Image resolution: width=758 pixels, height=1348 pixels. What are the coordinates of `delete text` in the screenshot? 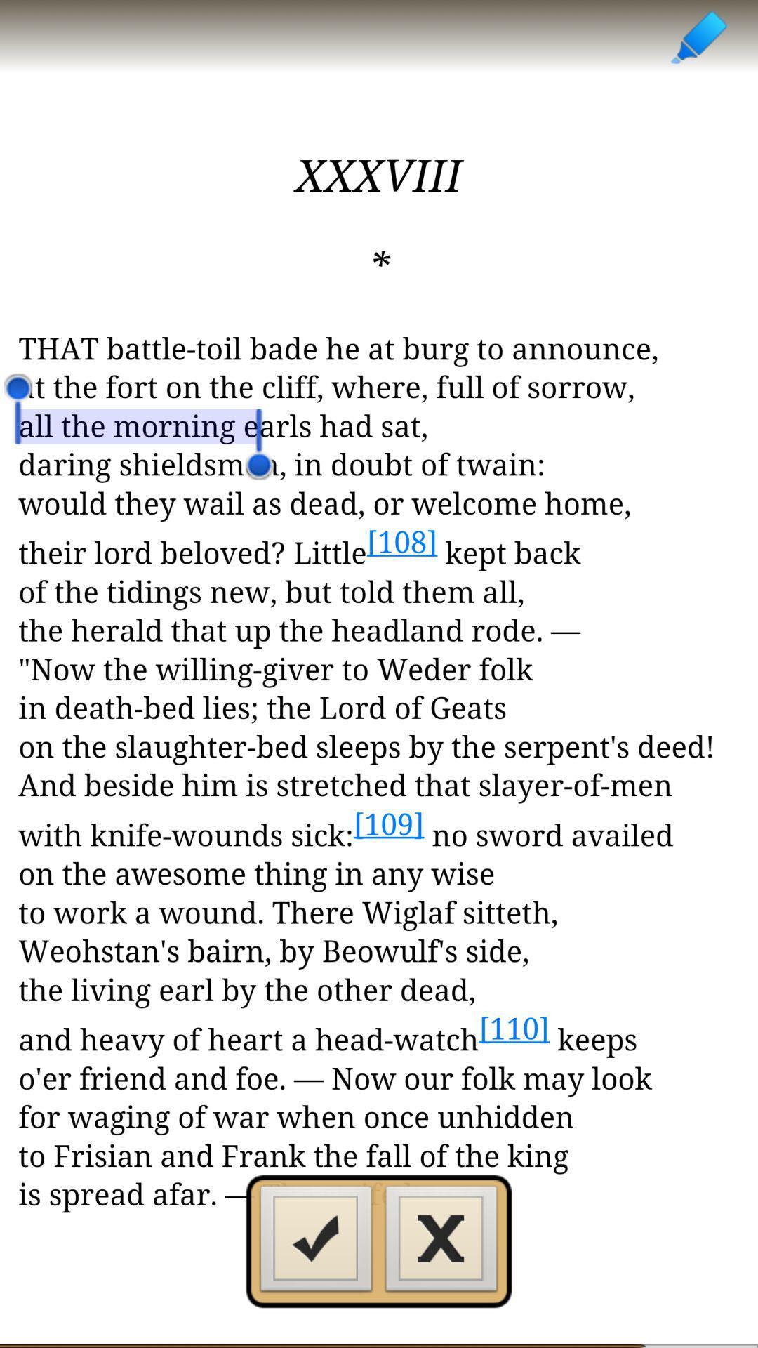 It's located at (441, 1243).